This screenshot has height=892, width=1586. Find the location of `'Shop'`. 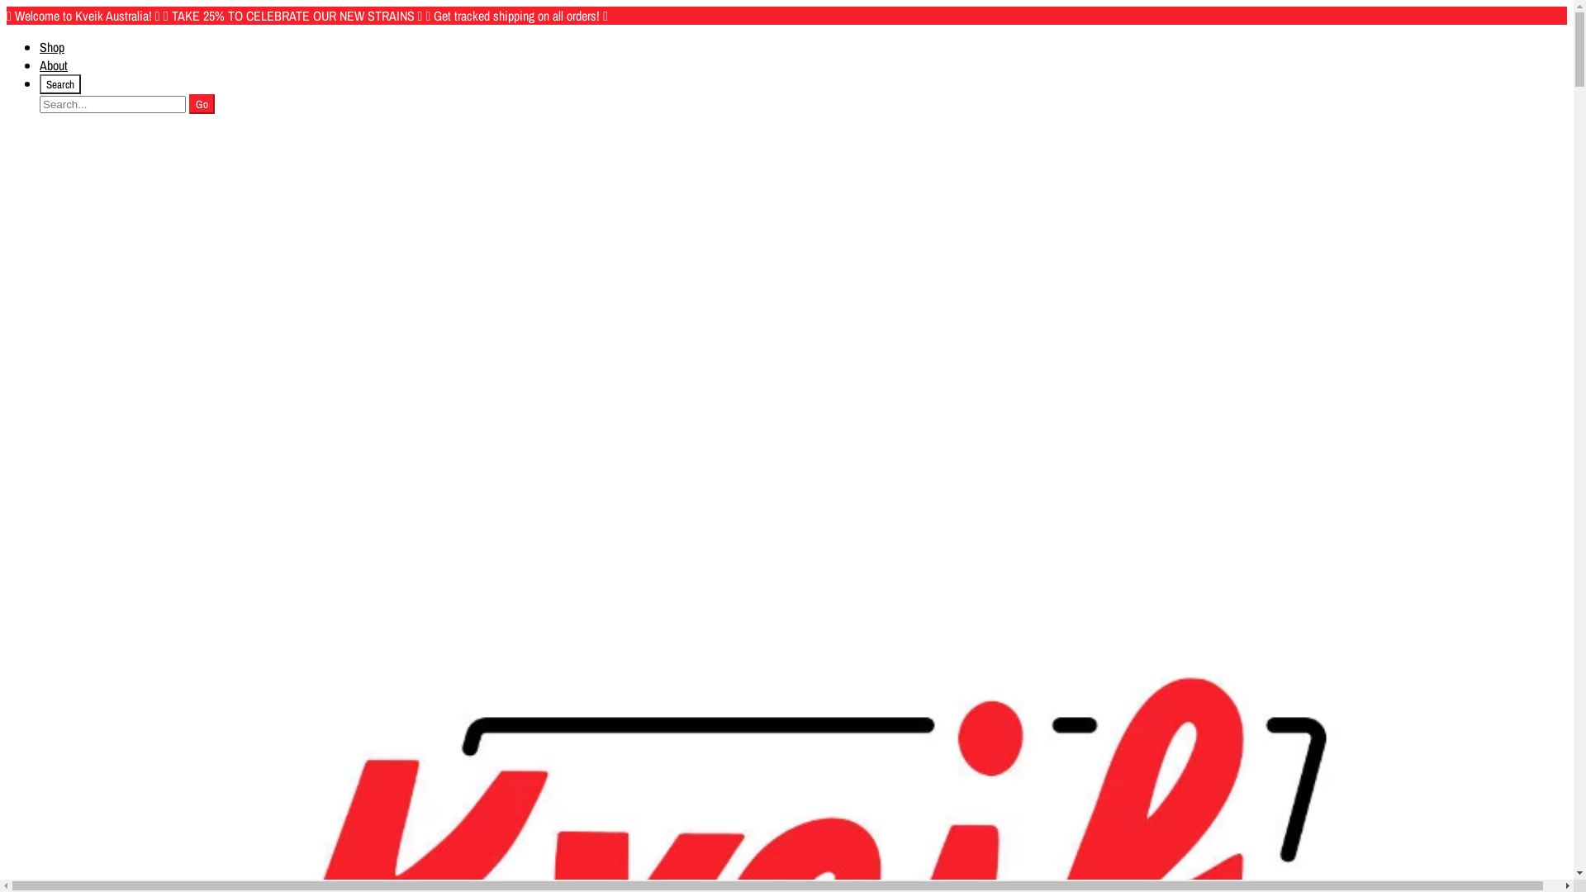

'Shop' is located at coordinates (51, 46).